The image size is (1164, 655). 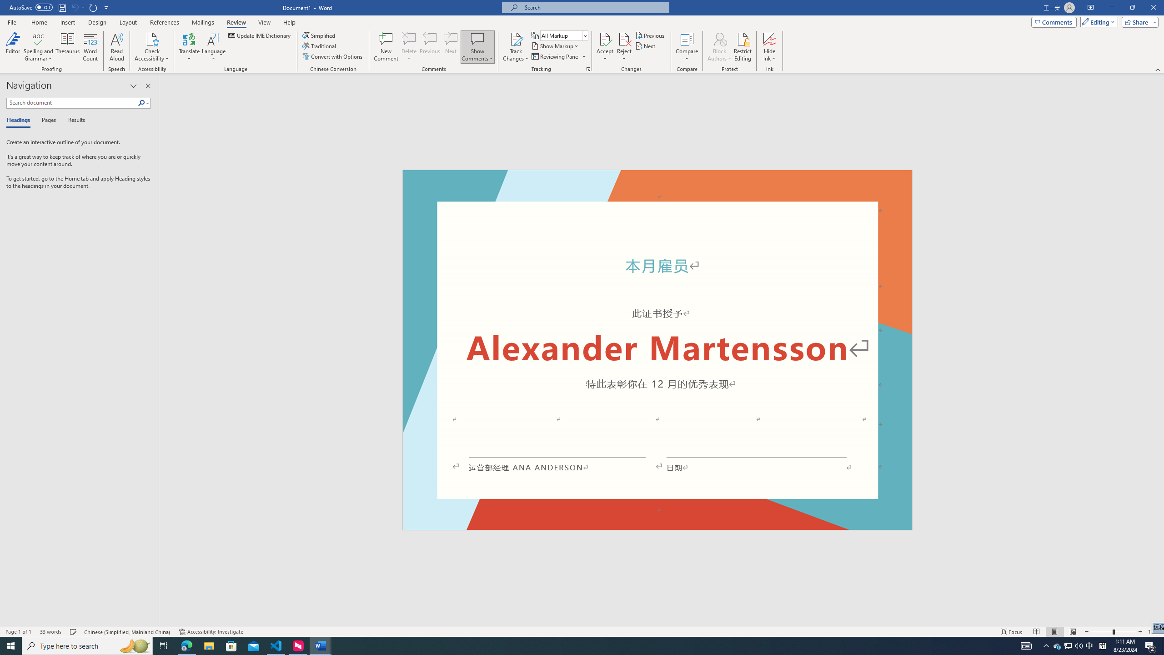 I want to click on 'Hide Ink', so click(x=769, y=38).